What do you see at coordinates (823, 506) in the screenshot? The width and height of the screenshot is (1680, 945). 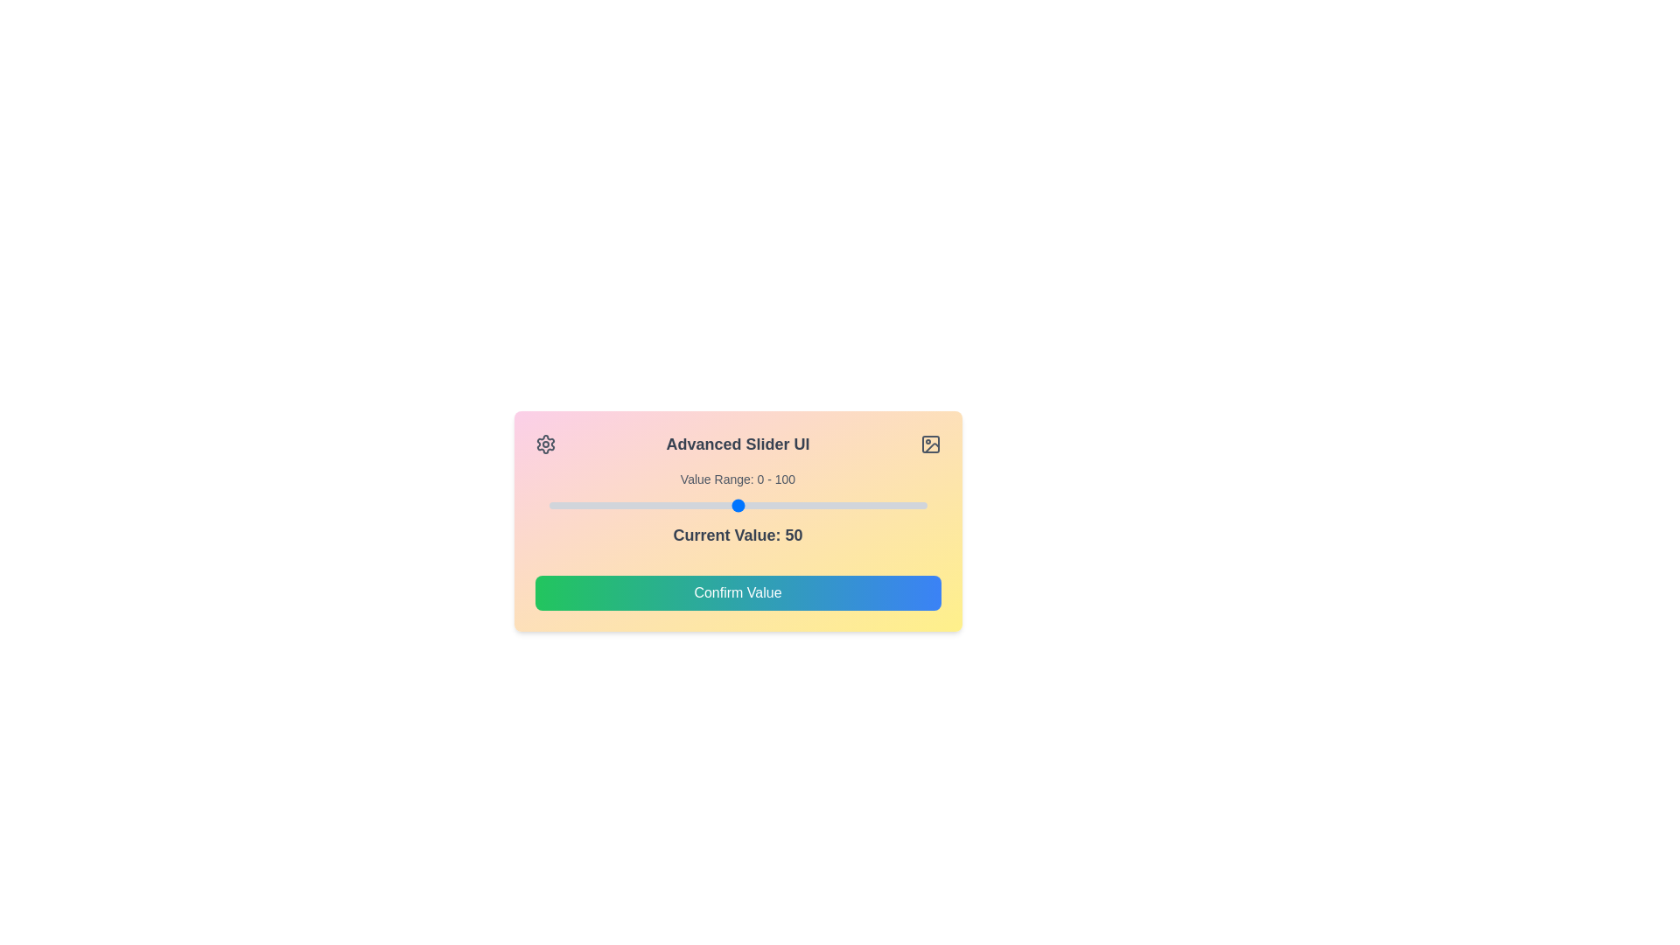 I see `the slider to set its value to 73` at bounding box center [823, 506].